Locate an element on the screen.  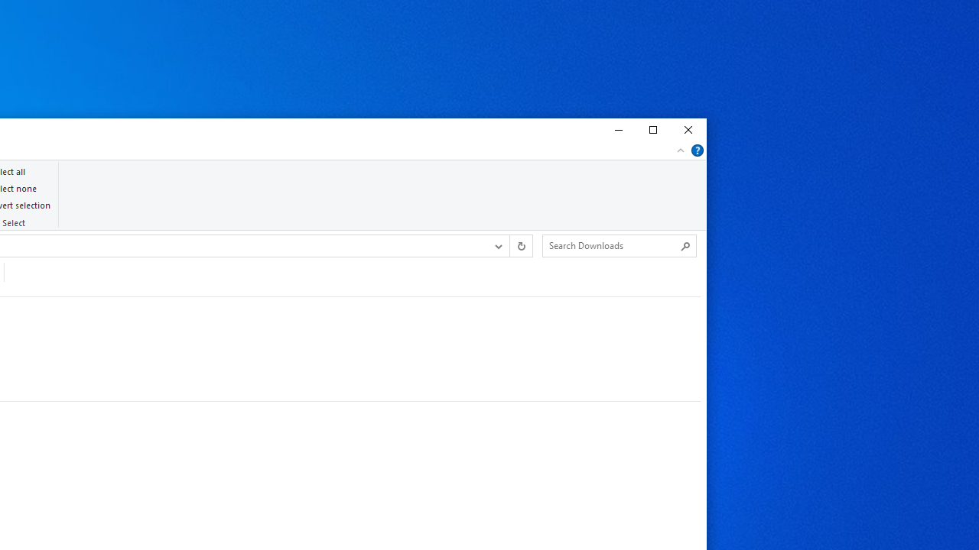
'Help' is located at coordinates (697, 150).